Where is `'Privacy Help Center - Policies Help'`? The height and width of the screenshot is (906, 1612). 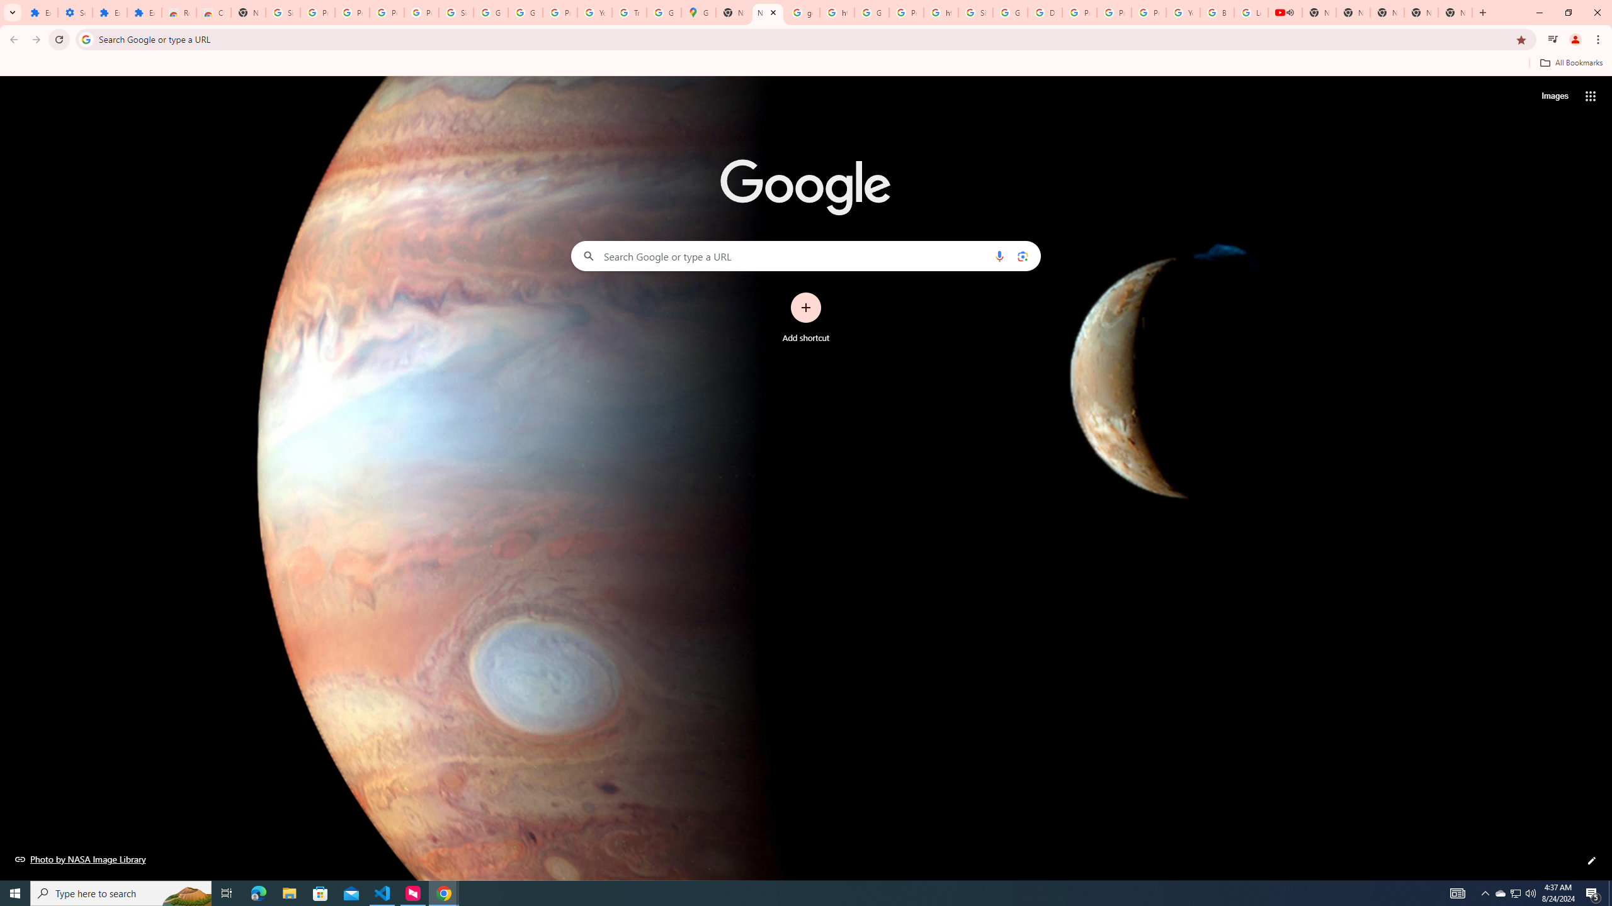 'Privacy Help Center - Policies Help' is located at coordinates (1078, 12).